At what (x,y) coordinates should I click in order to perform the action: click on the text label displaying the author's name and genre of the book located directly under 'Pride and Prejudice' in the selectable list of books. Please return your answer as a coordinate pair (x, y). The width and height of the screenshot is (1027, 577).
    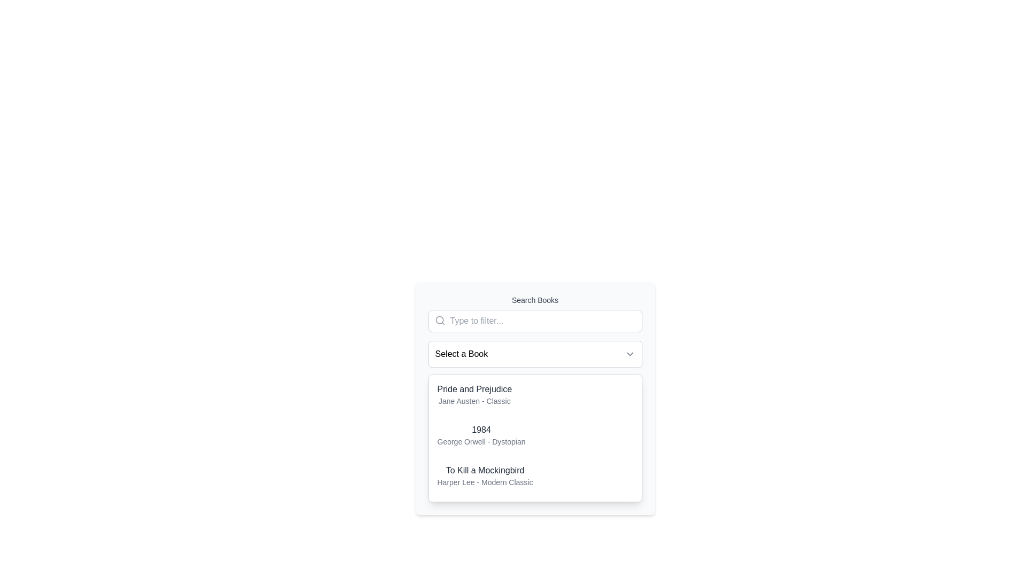
    Looking at the image, I should click on (474, 401).